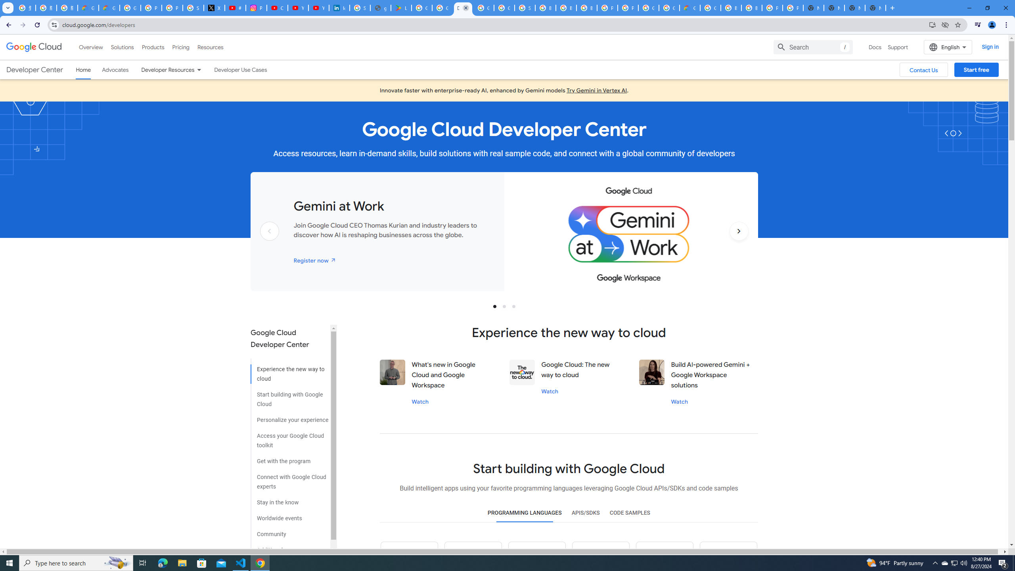 The image size is (1015, 571). I want to click on 'Contact Us', so click(923, 70).